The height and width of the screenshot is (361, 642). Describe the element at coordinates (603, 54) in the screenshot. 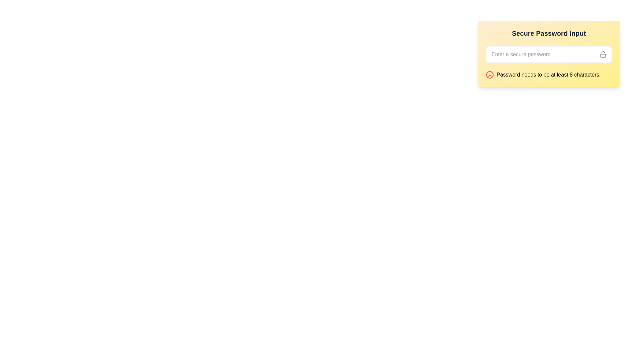

I see `the open lock icon, which is styled with gray color and thin lines, located inside a yellow rectangular box to the right of the 'Secure Password Input' field` at that location.